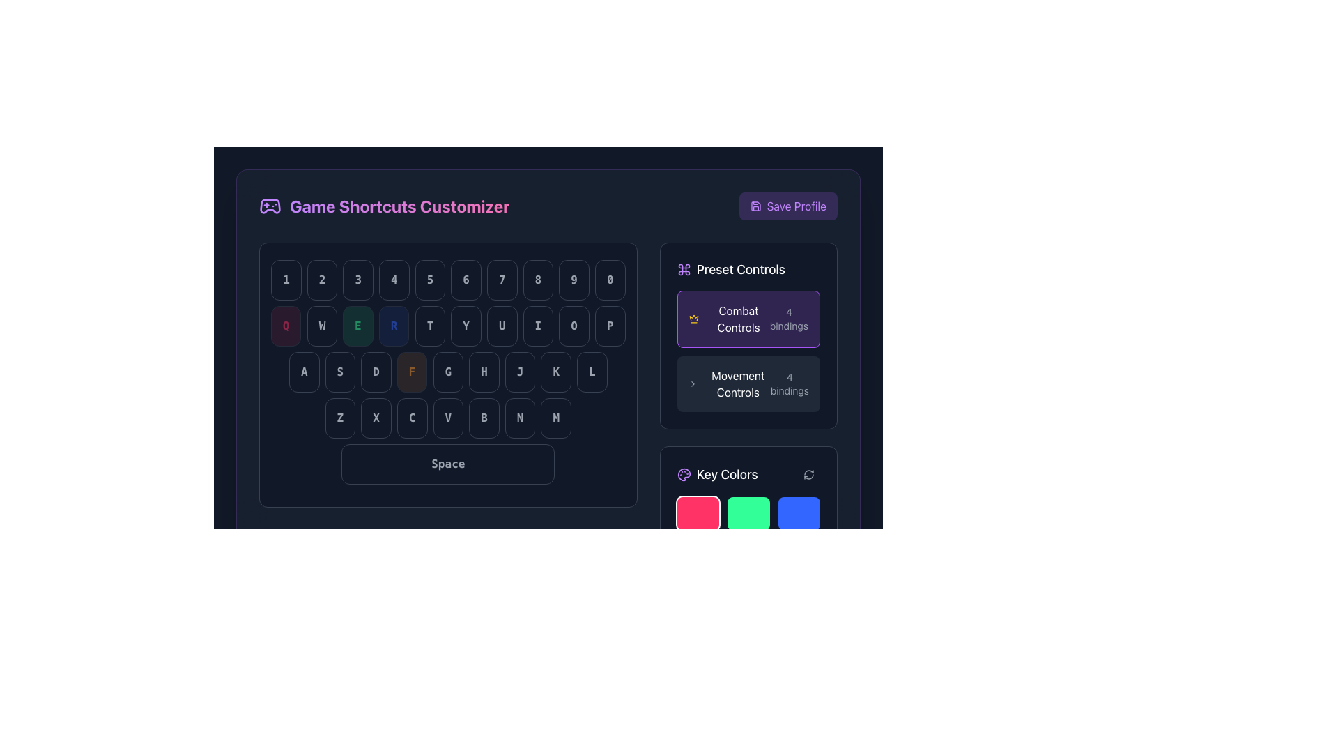  Describe the element at coordinates (748, 319) in the screenshot. I see `the rectangular button with a rounded border, featuring a purple background, crown icon, and text 'Combat Controls'` at that location.